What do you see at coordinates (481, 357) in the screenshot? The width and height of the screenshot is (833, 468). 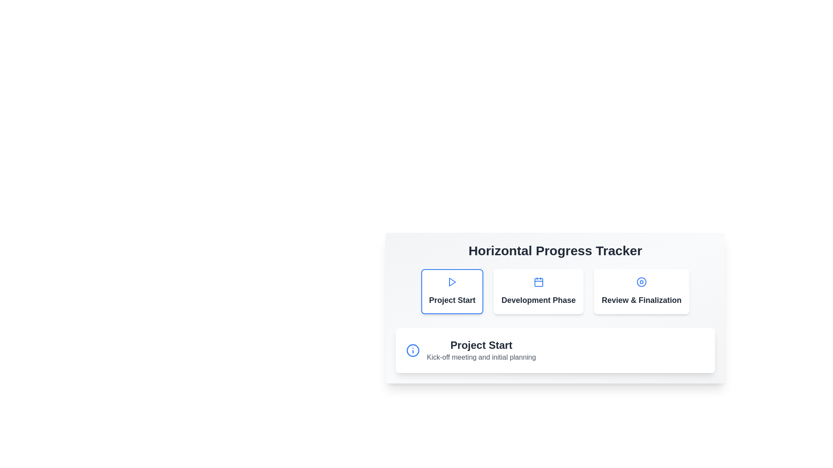 I see `the content of the non-interactive text label positioned below the 'Project Start' header within the 'Horizontal Progress Tracker' component` at bounding box center [481, 357].